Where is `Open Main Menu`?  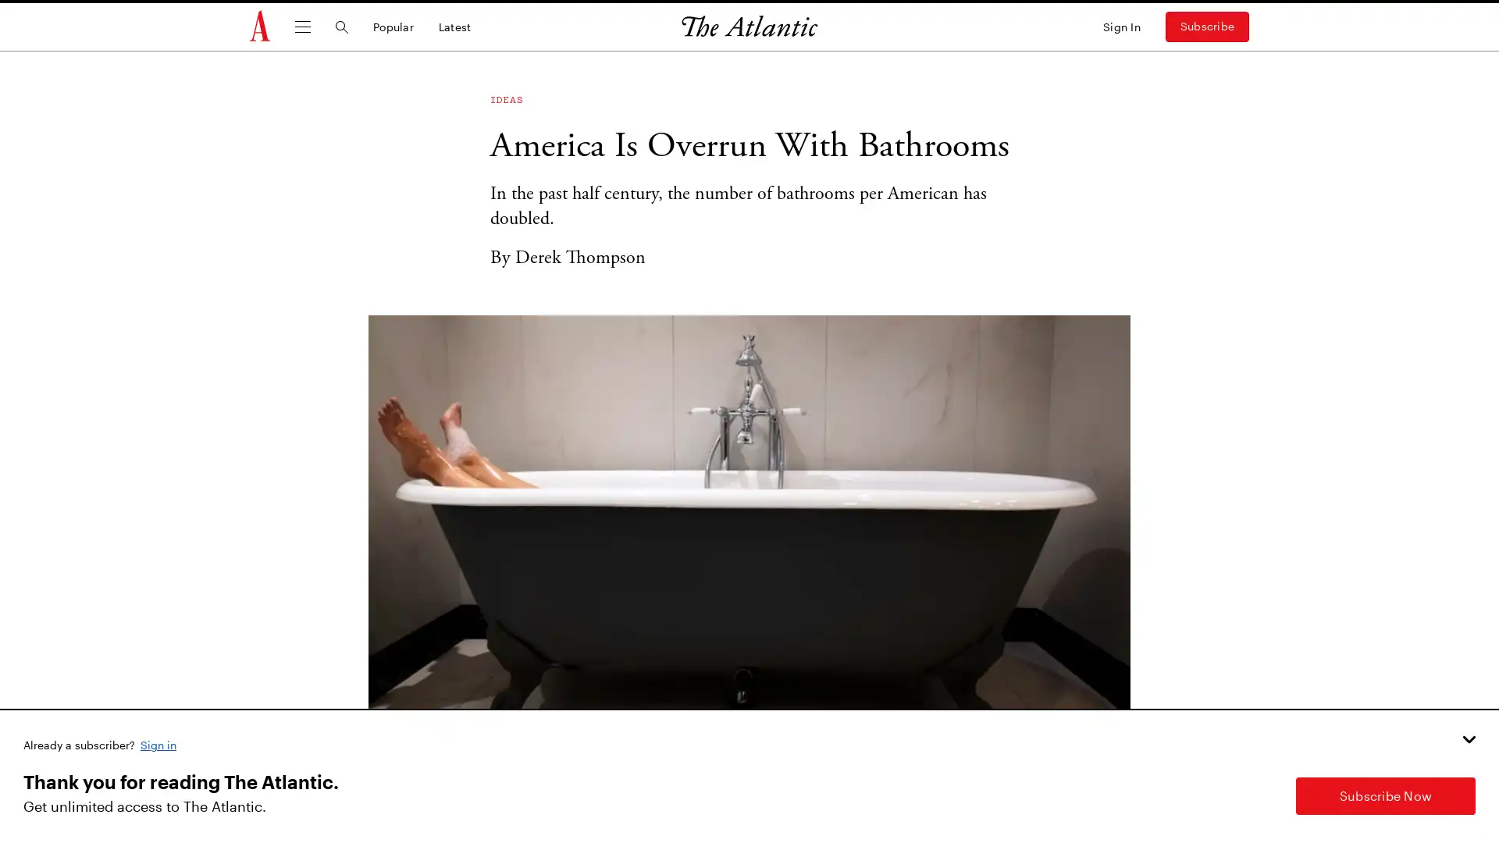 Open Main Menu is located at coordinates (303, 27).